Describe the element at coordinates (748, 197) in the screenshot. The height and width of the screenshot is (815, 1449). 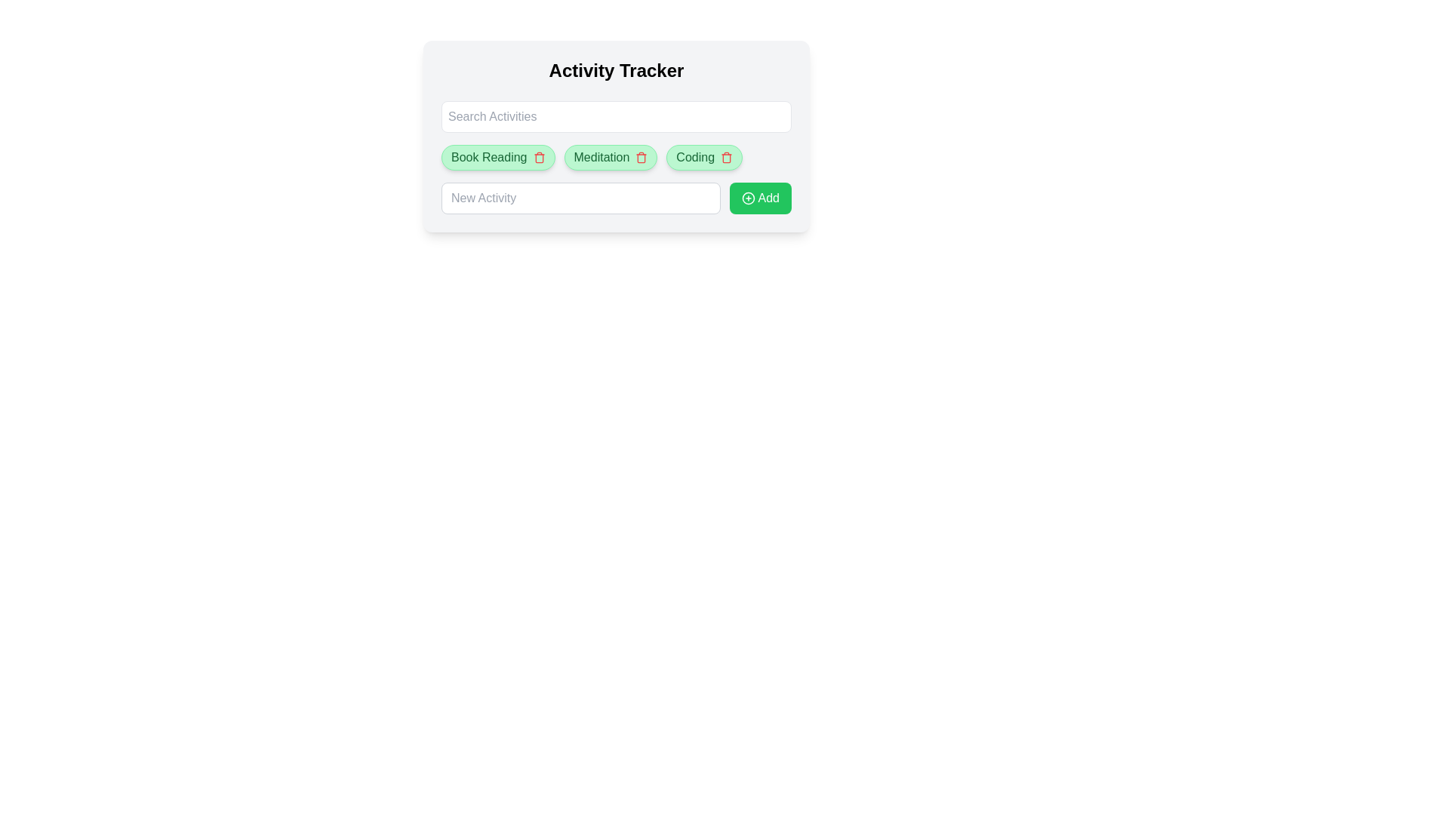
I see `the circular icon with a cross inside, which is part of the 'Add' button located on the far right side of the UI, next to the 'New Activity' input field` at that location.